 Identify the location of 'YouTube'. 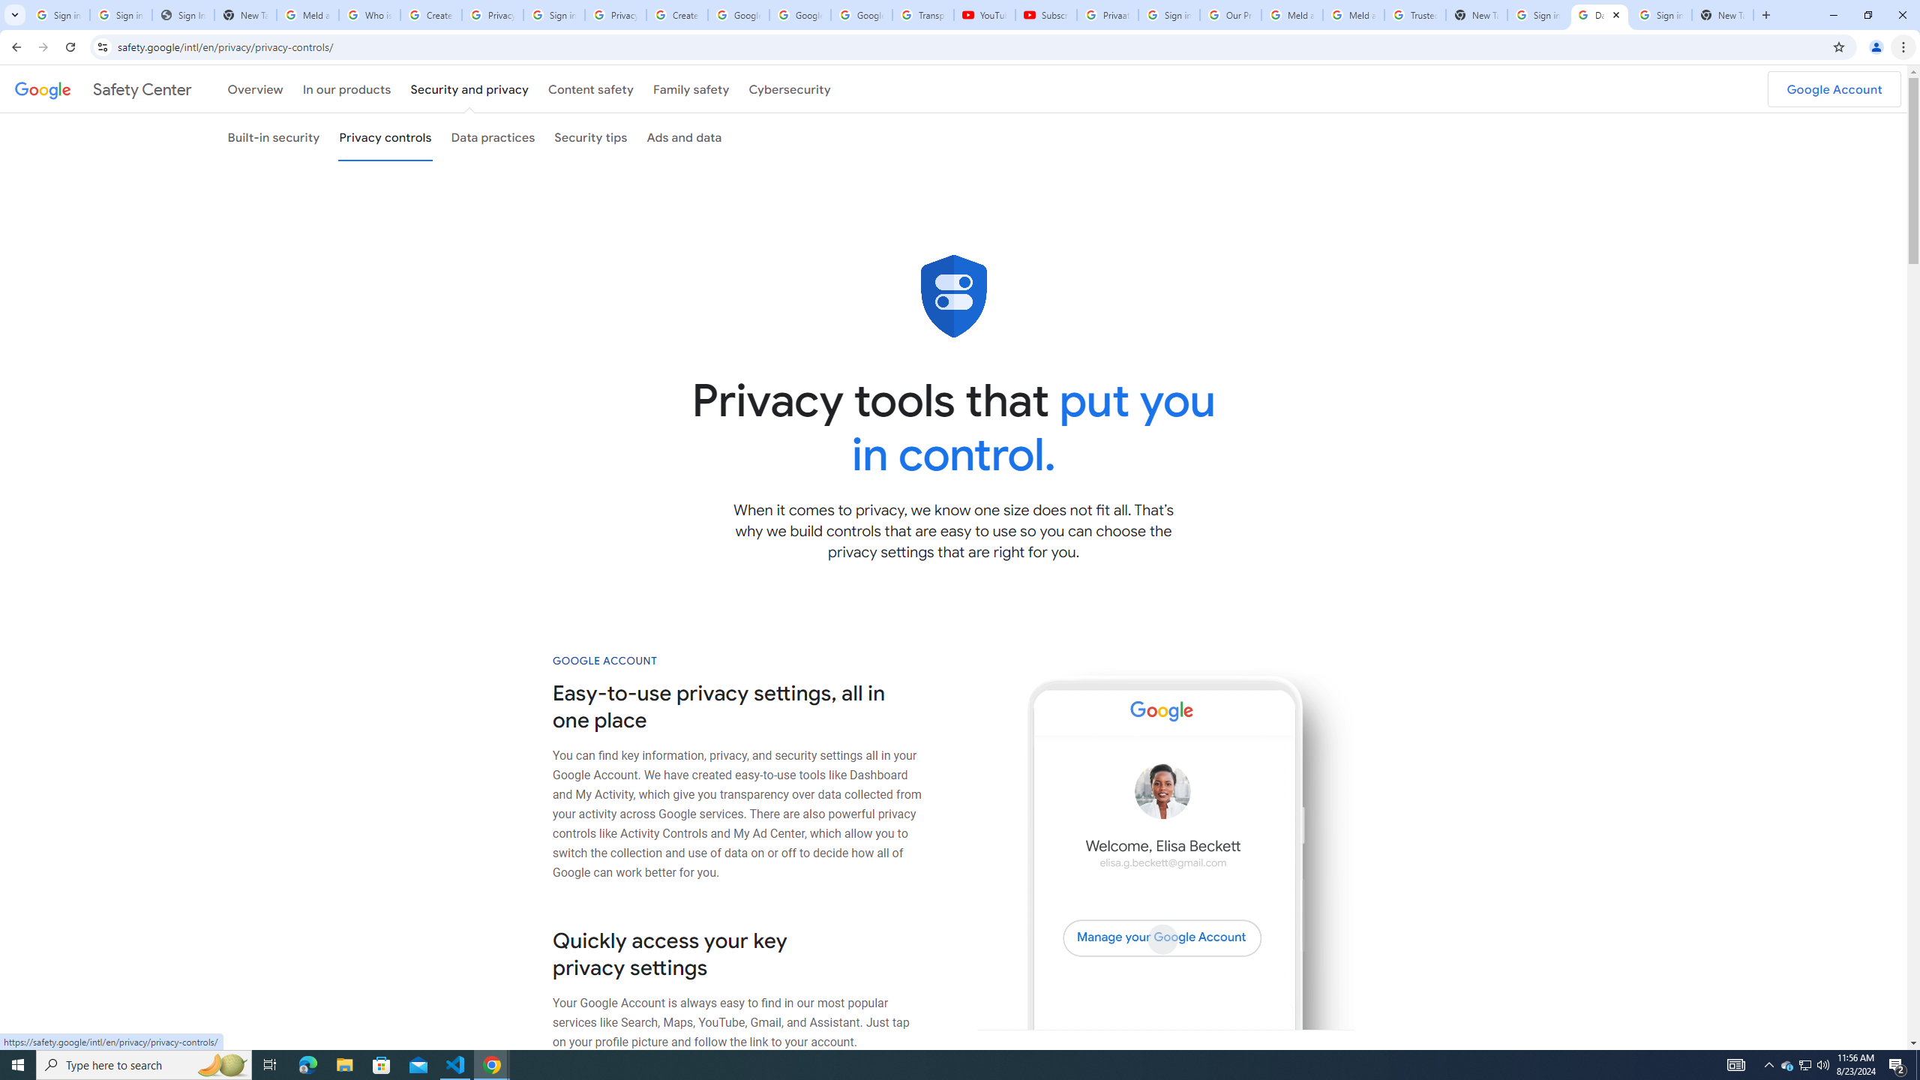
(984, 14).